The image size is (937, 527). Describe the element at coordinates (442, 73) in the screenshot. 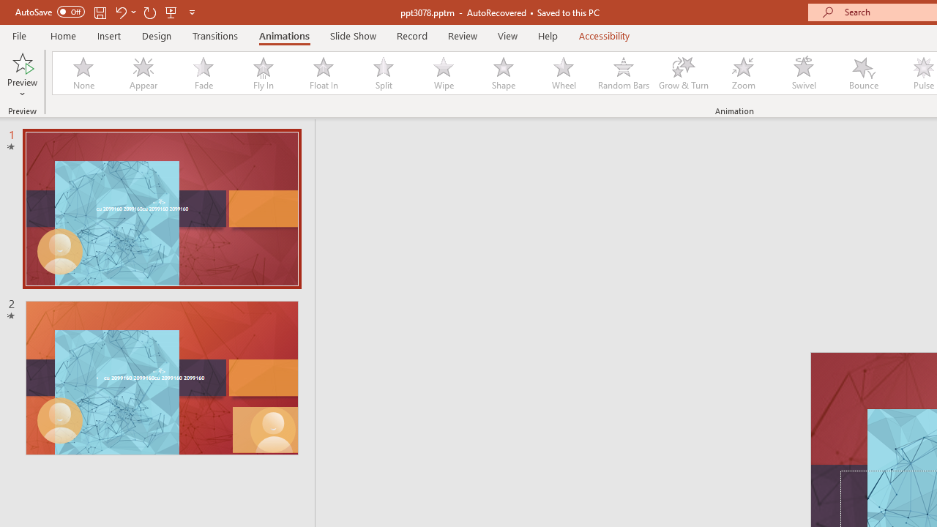

I see `'Wipe'` at that location.